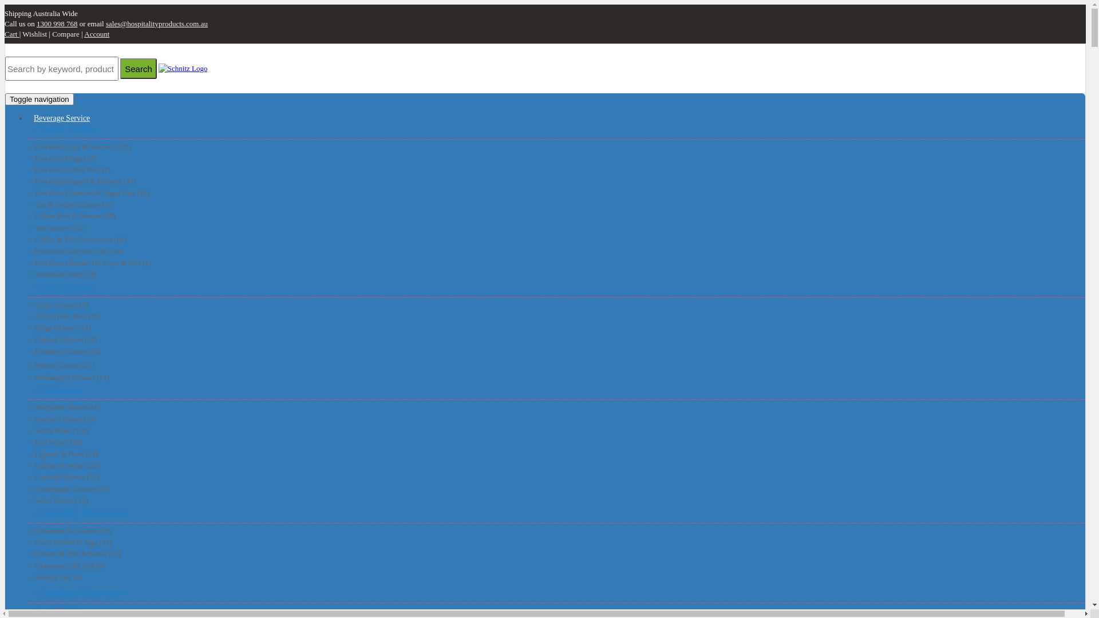  Describe the element at coordinates (29, 228) in the screenshot. I see `'Tea Infusers (52)'` at that location.